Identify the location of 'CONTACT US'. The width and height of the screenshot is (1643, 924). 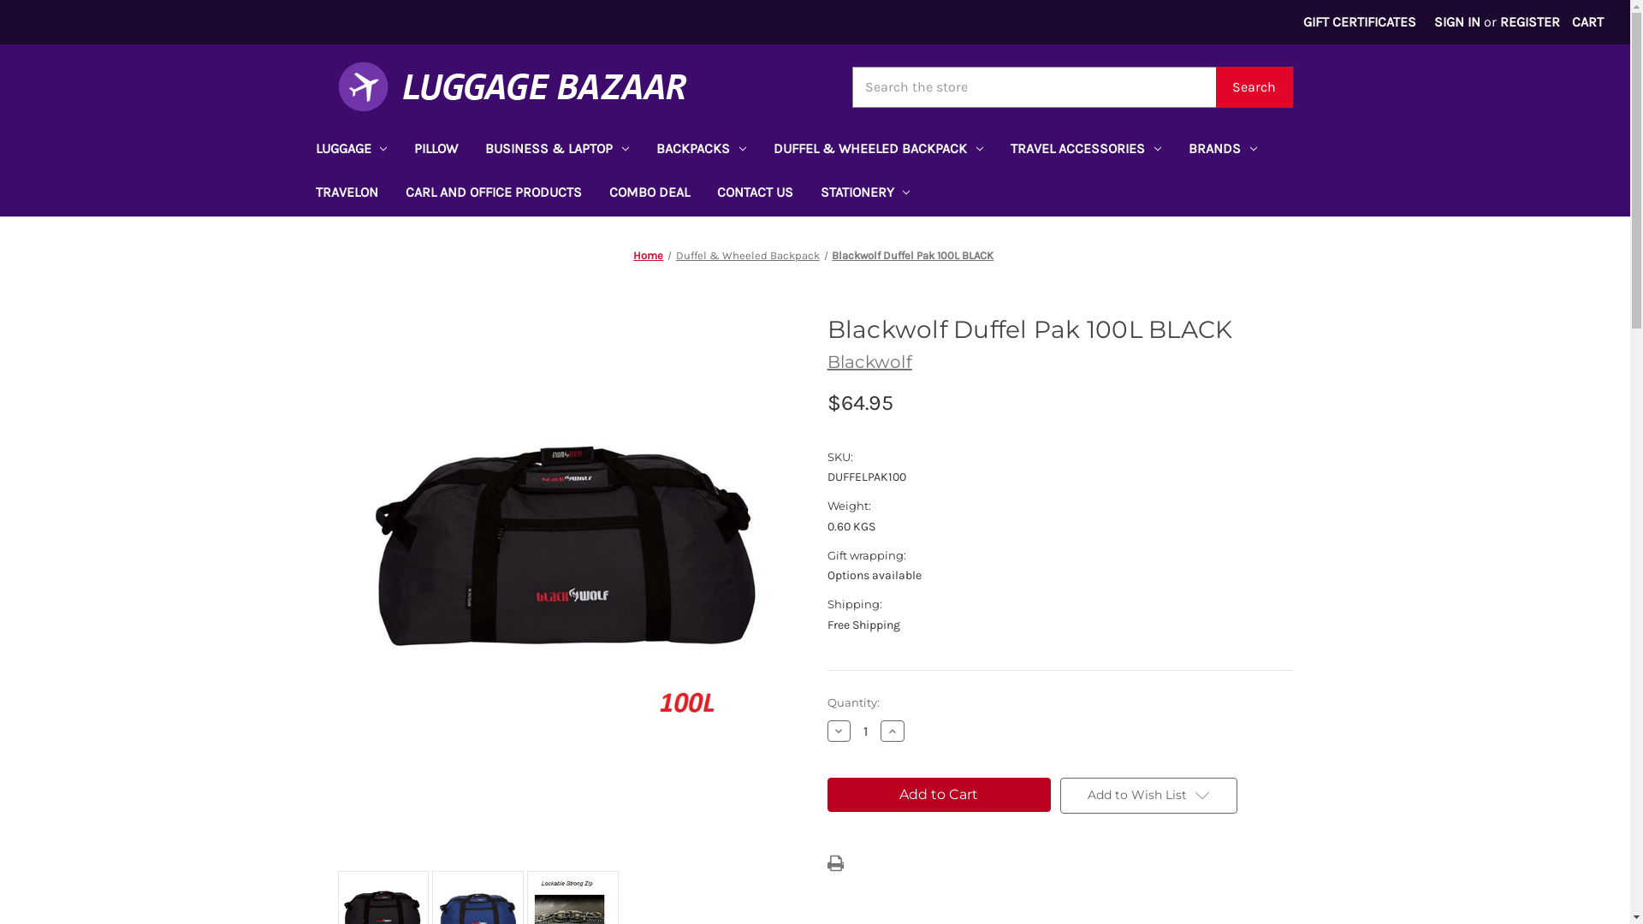
(703, 193).